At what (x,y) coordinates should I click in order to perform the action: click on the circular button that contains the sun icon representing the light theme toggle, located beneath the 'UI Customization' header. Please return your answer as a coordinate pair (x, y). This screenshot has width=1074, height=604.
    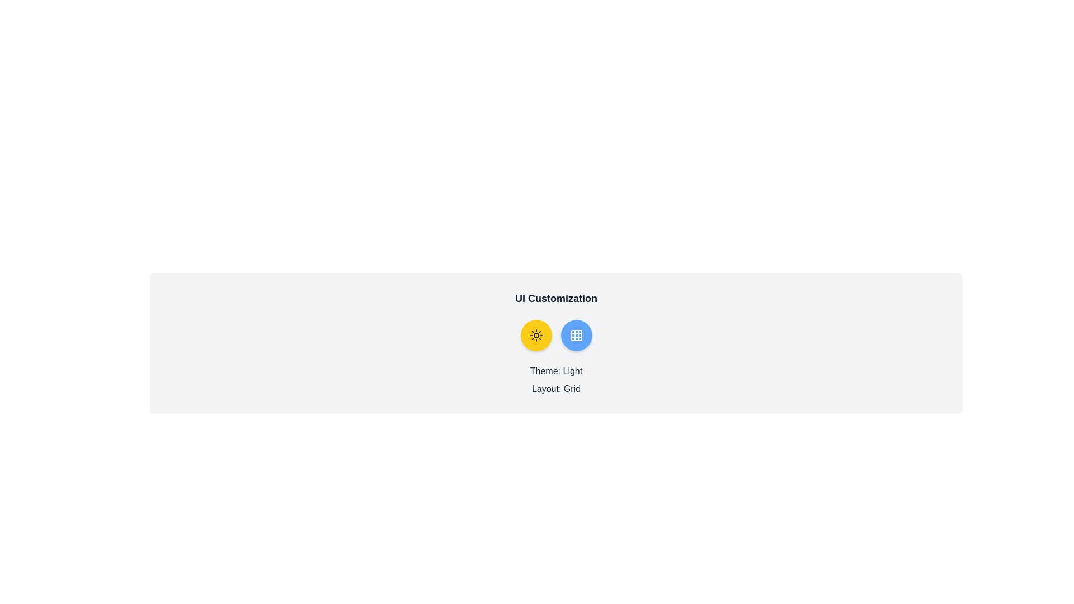
    Looking at the image, I should click on (535, 335).